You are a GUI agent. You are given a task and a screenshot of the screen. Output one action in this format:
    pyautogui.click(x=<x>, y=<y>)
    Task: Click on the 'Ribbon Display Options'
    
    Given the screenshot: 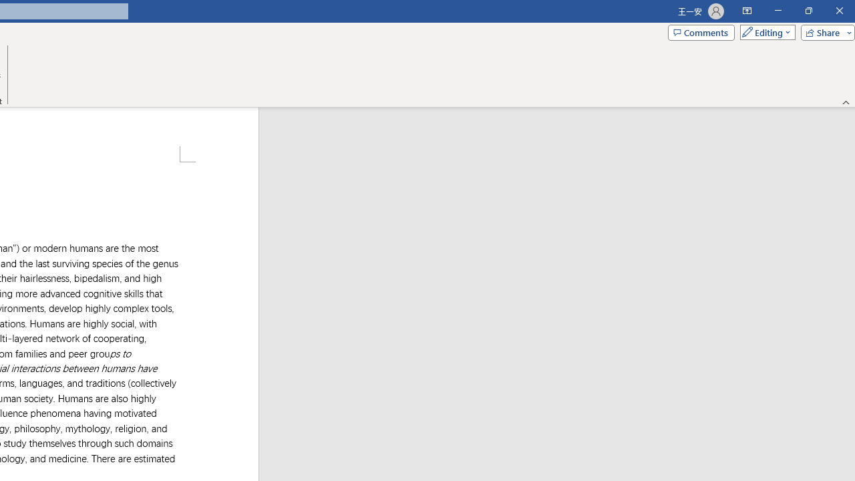 What is the action you would take?
    pyautogui.click(x=746, y=11)
    